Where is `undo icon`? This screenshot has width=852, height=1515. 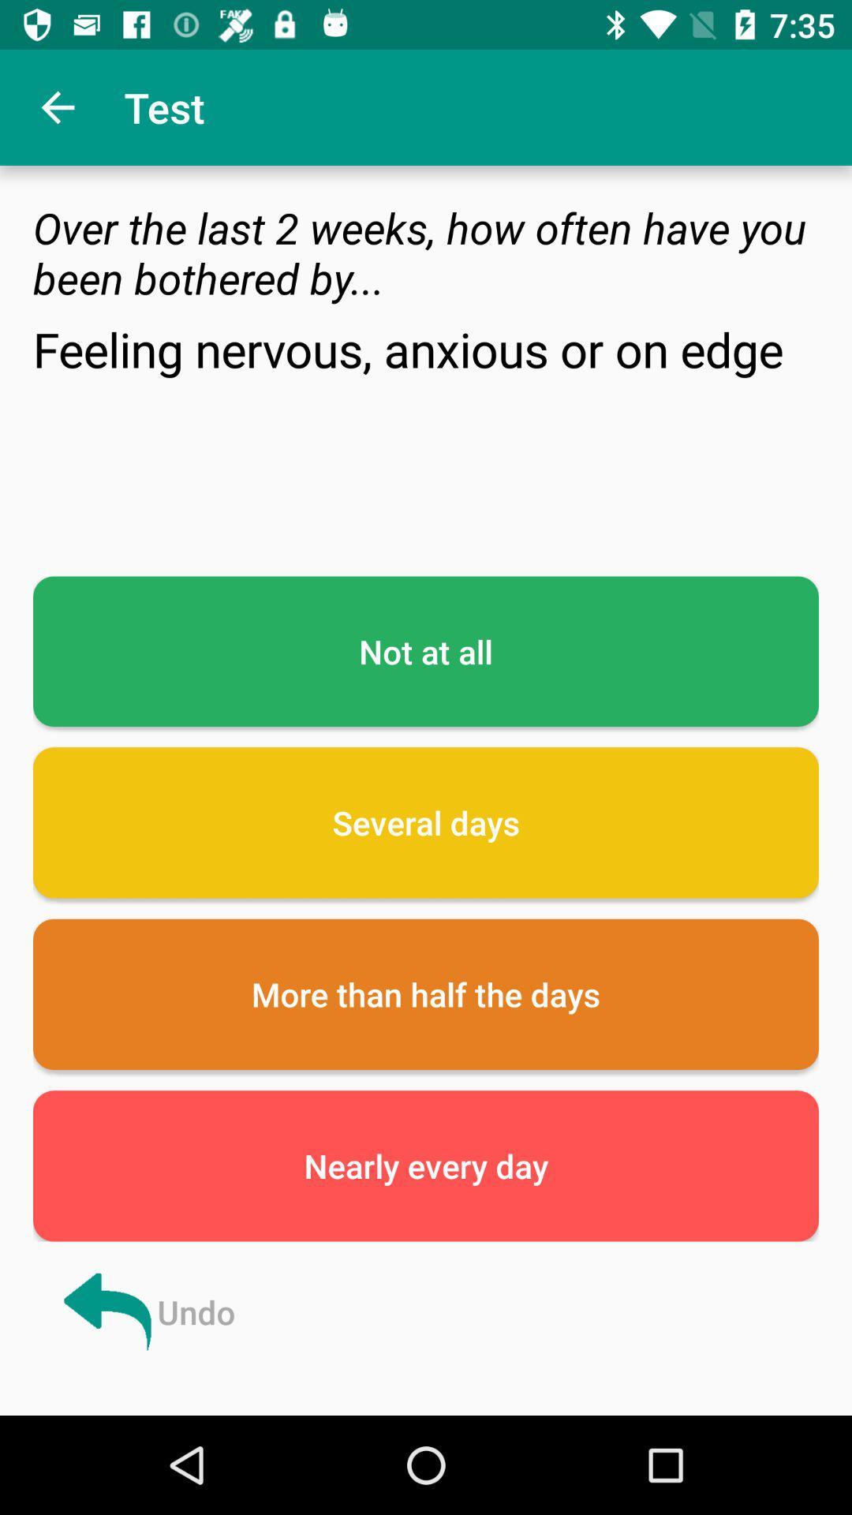
undo icon is located at coordinates (146, 1311).